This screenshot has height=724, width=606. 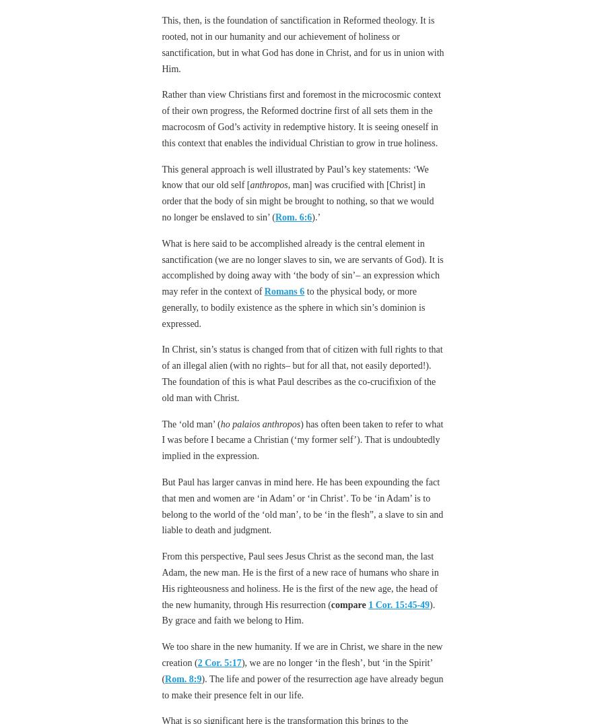 I want to click on 'We too share in the new humanity. If we are in Christ, we share in the new creation (', so click(x=302, y=654).